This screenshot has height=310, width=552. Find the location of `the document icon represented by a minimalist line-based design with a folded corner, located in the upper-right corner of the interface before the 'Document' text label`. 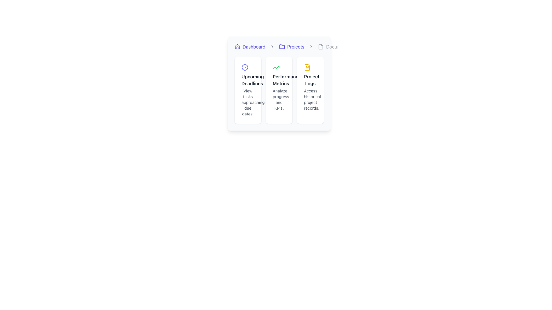

the document icon represented by a minimalist line-based design with a folded corner, located in the upper-right corner of the interface before the 'Document' text label is located at coordinates (321, 46).